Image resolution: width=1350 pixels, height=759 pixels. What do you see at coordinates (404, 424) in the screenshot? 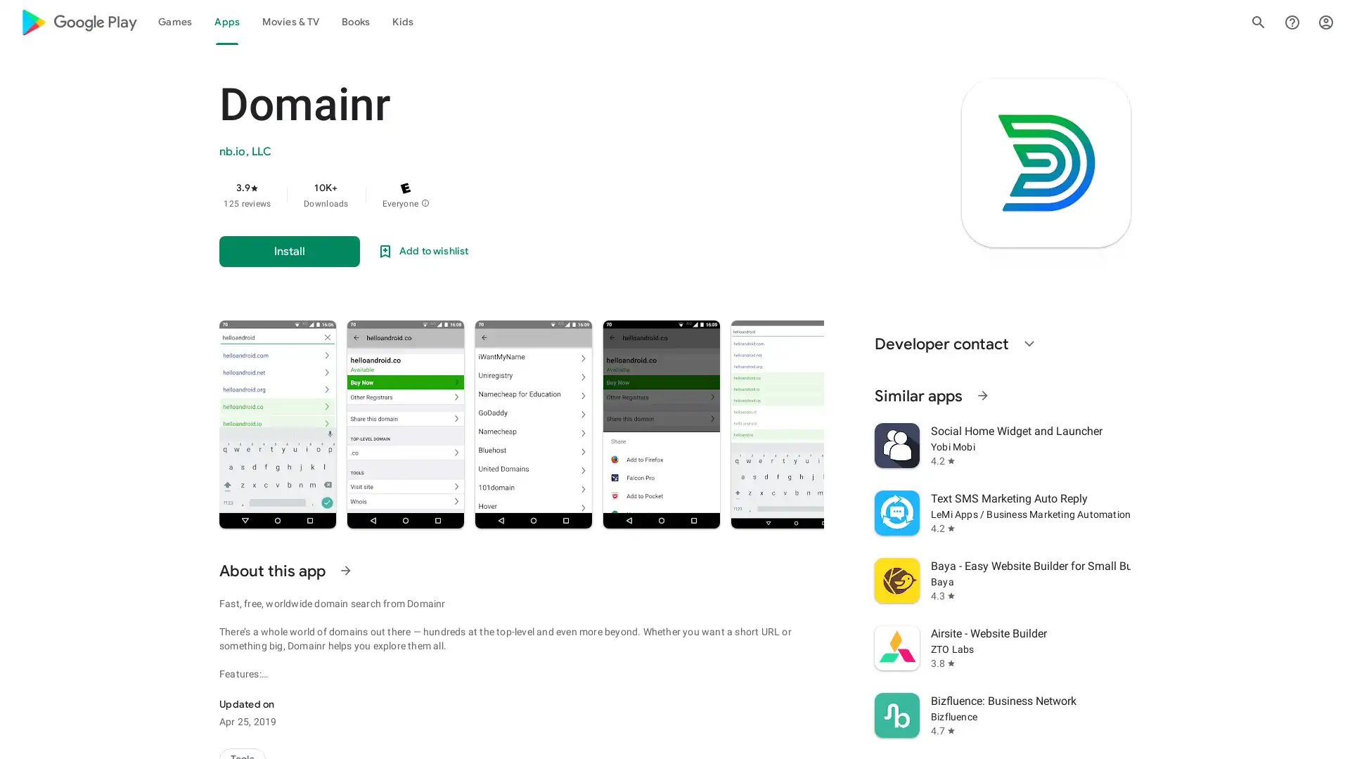
I see `Screenshot image` at bounding box center [404, 424].